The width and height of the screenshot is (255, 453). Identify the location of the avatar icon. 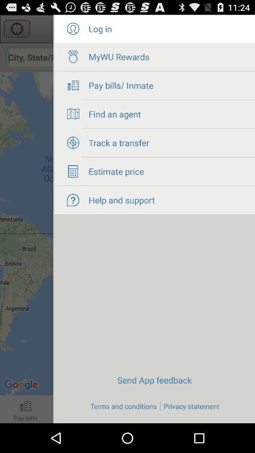
(72, 31).